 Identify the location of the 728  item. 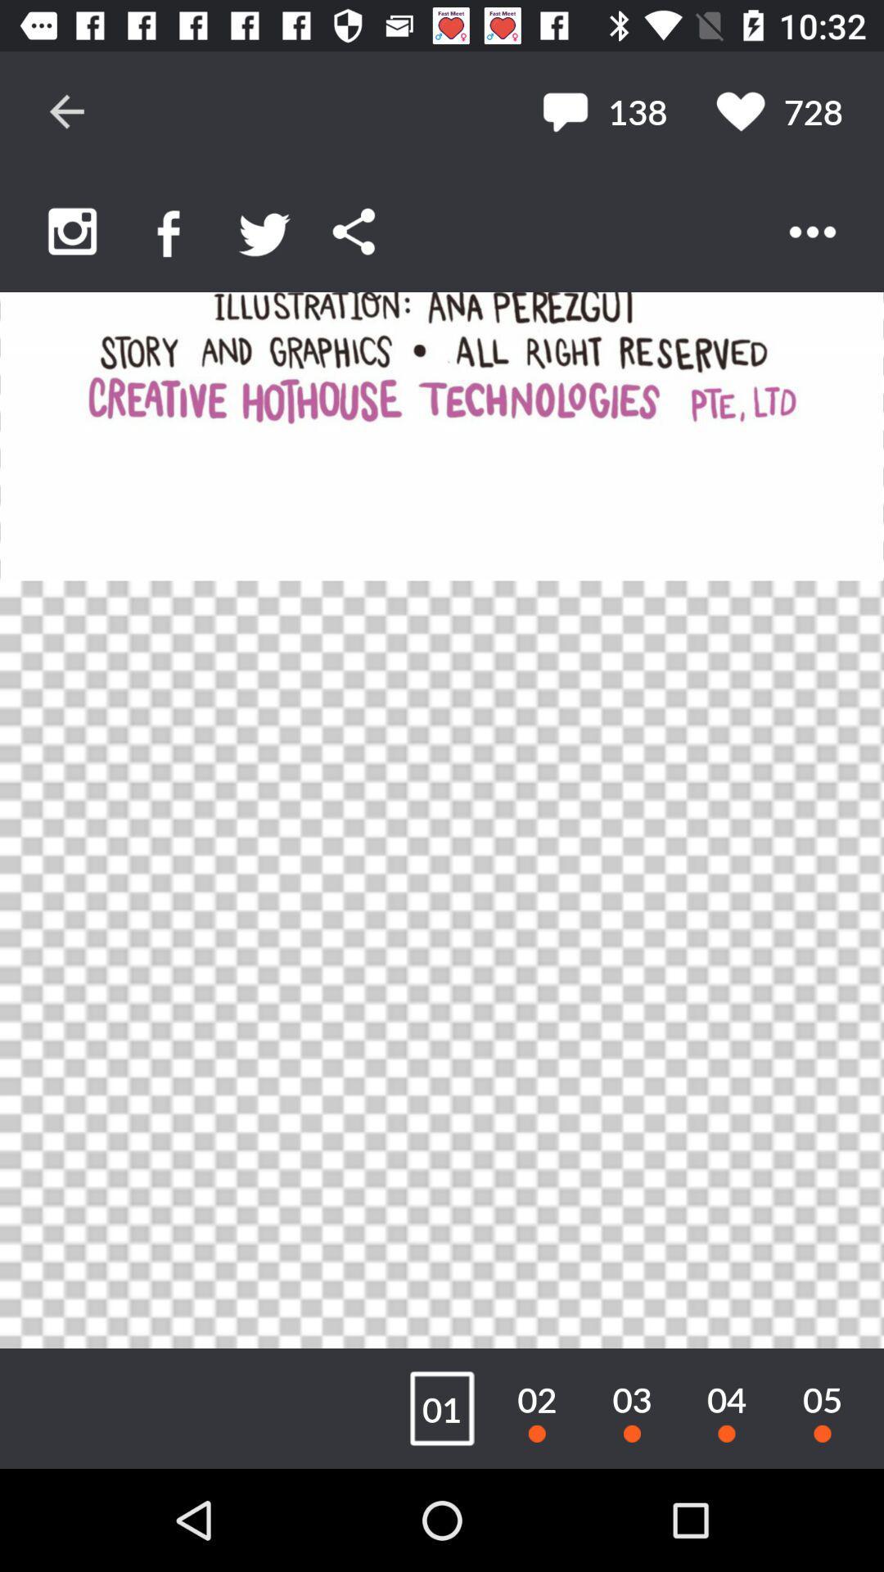
(778, 111).